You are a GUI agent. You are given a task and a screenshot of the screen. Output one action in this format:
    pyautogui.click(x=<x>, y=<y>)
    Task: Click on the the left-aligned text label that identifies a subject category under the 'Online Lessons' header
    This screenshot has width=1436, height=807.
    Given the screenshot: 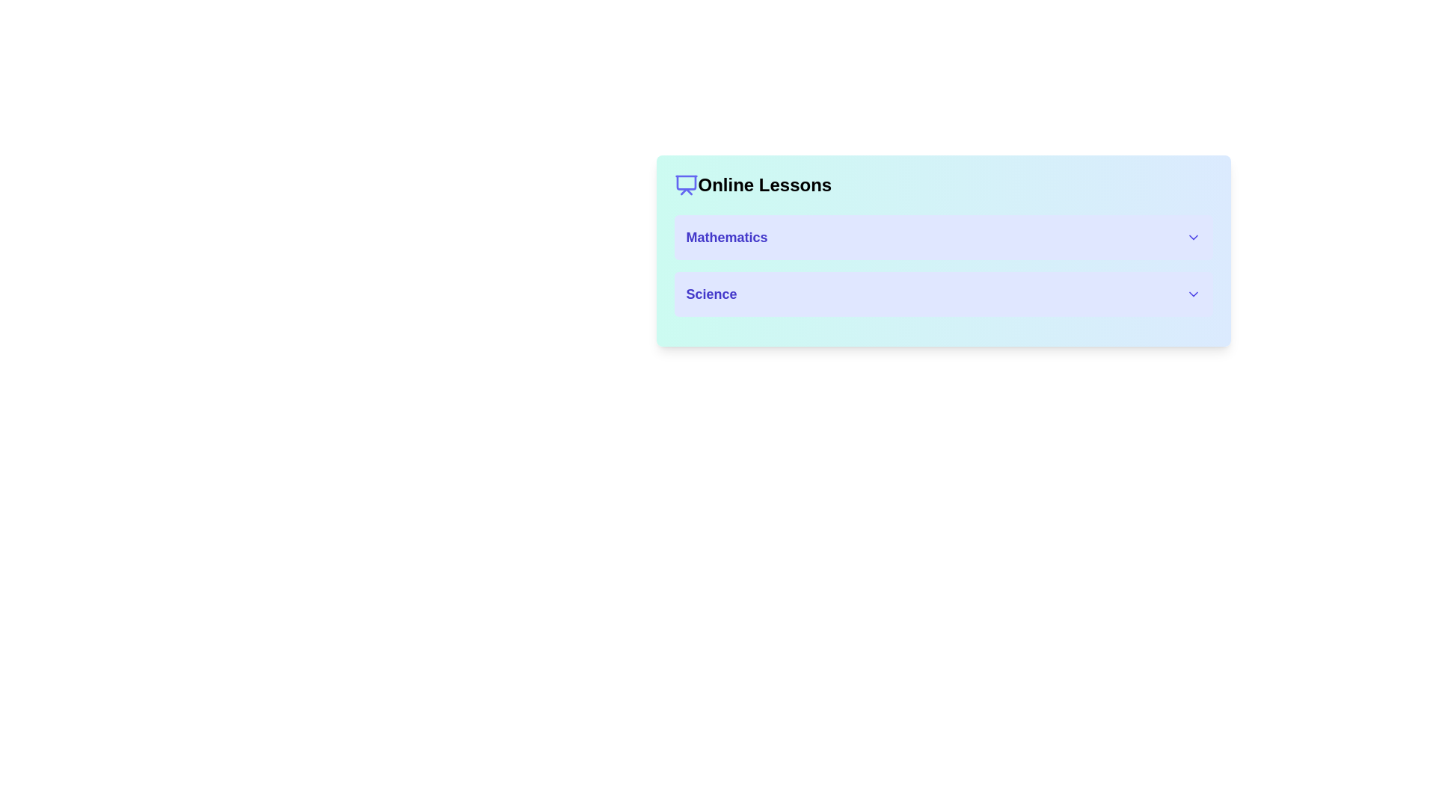 What is the action you would take?
    pyautogui.click(x=711, y=294)
    